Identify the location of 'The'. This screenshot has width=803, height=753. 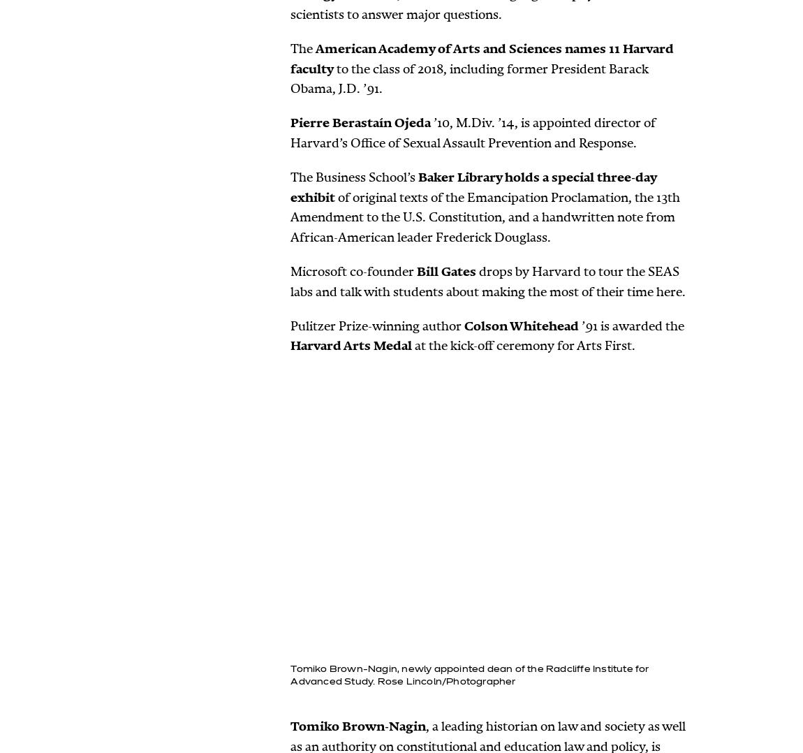
(303, 47).